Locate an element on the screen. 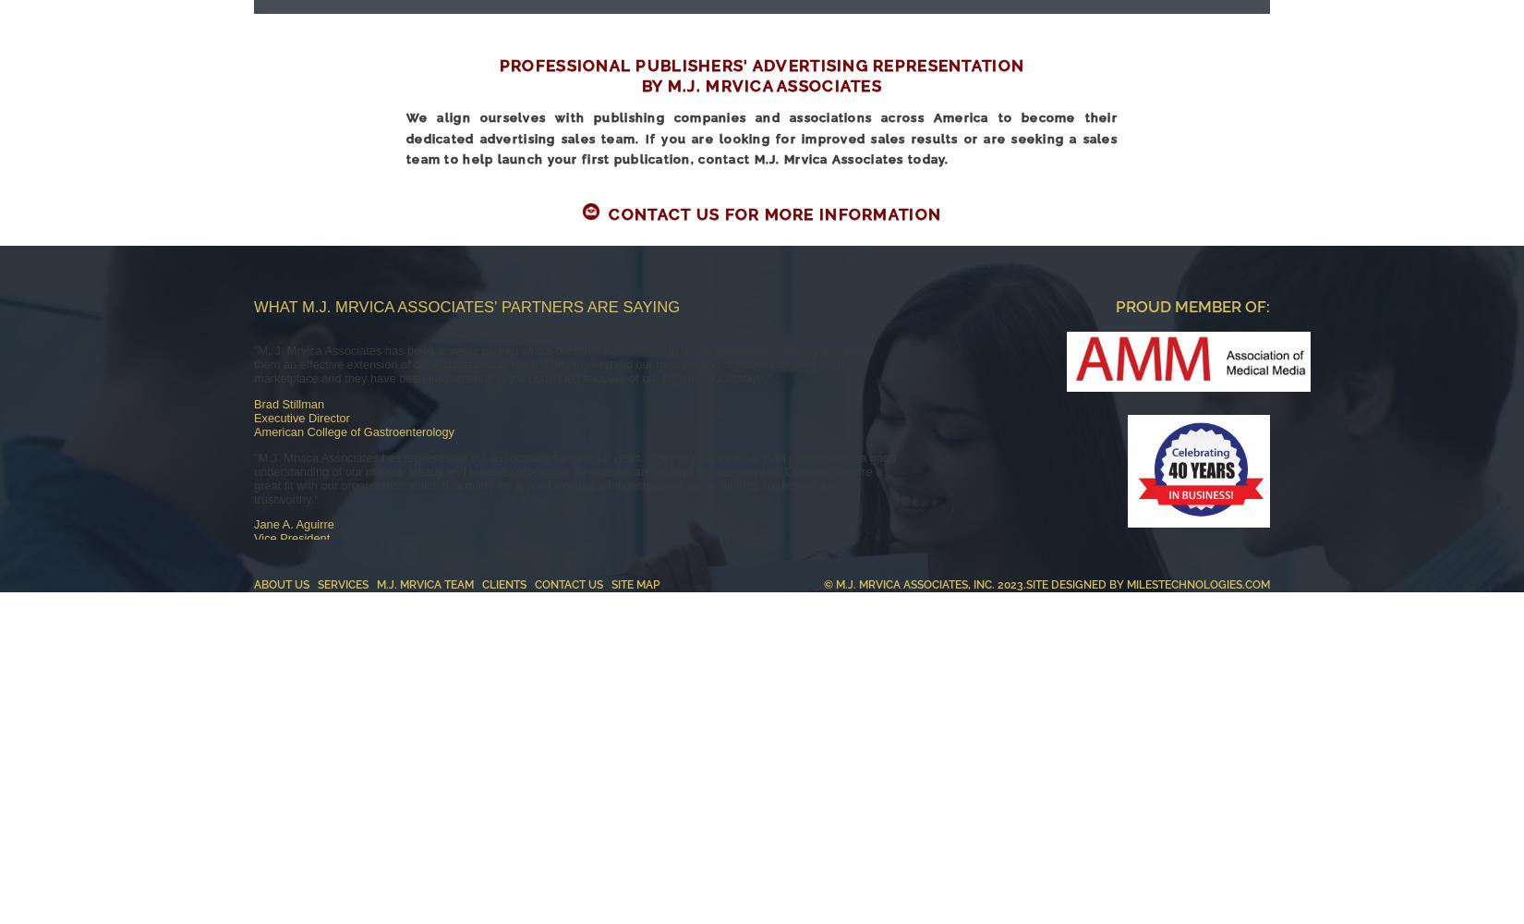 The image size is (1524, 924). 'Contact Us' is located at coordinates (567, 584).